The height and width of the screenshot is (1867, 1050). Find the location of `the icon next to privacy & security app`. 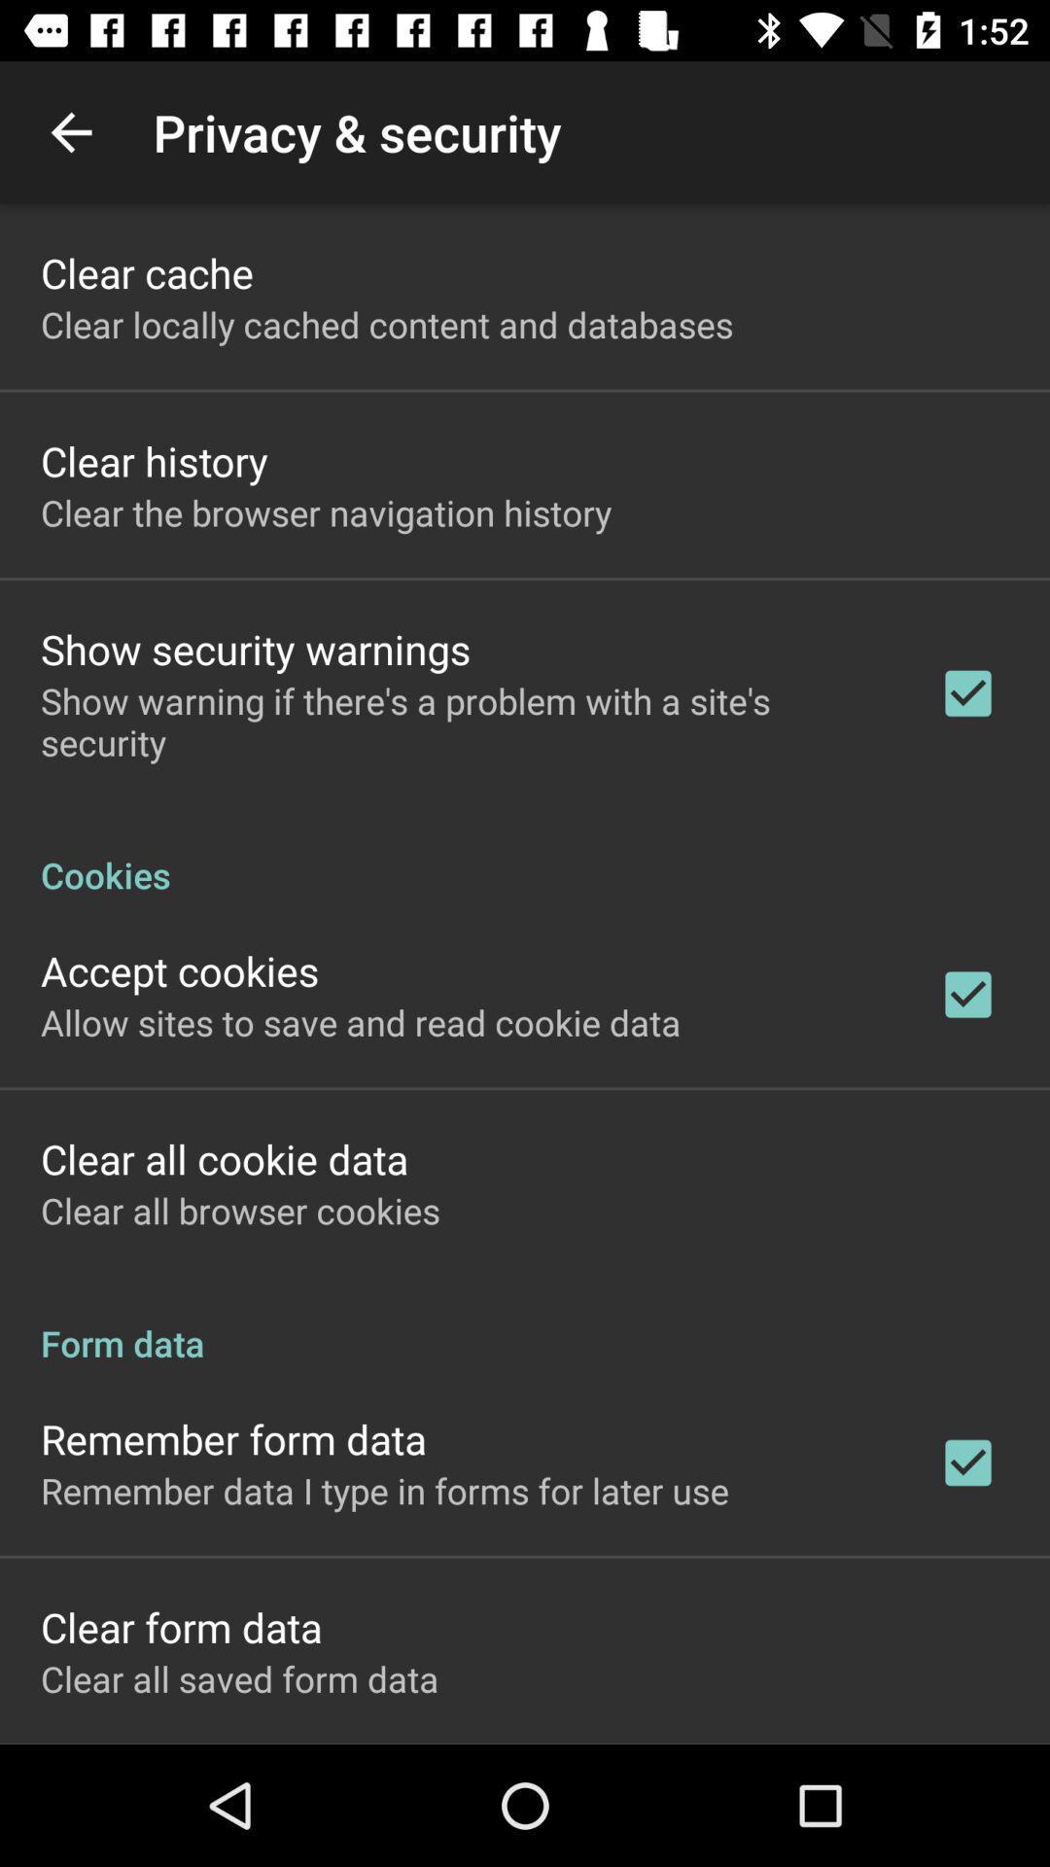

the icon next to privacy & security app is located at coordinates (70, 131).